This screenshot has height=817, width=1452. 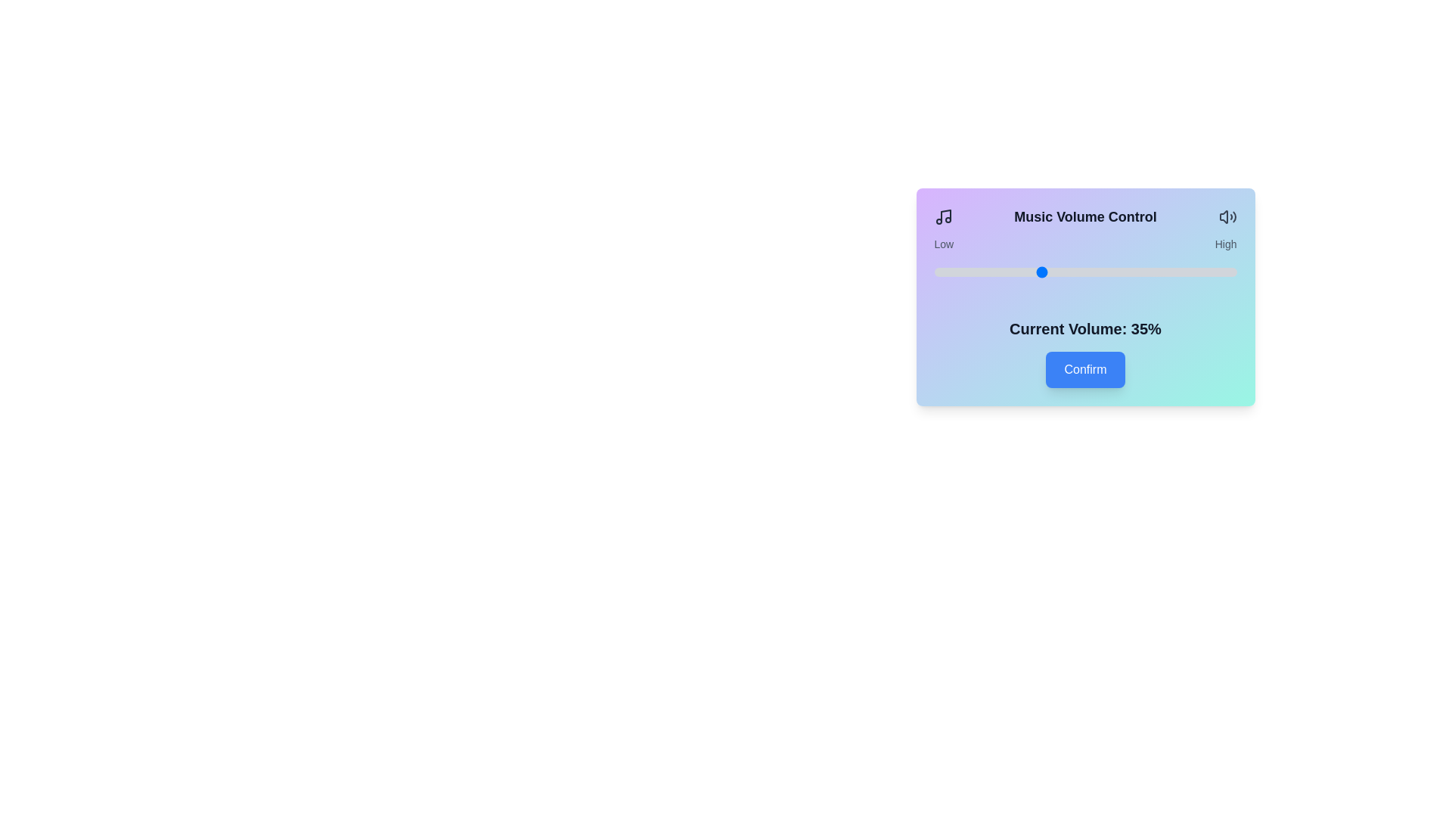 I want to click on the music icon to trigger its interaction, so click(x=942, y=216).